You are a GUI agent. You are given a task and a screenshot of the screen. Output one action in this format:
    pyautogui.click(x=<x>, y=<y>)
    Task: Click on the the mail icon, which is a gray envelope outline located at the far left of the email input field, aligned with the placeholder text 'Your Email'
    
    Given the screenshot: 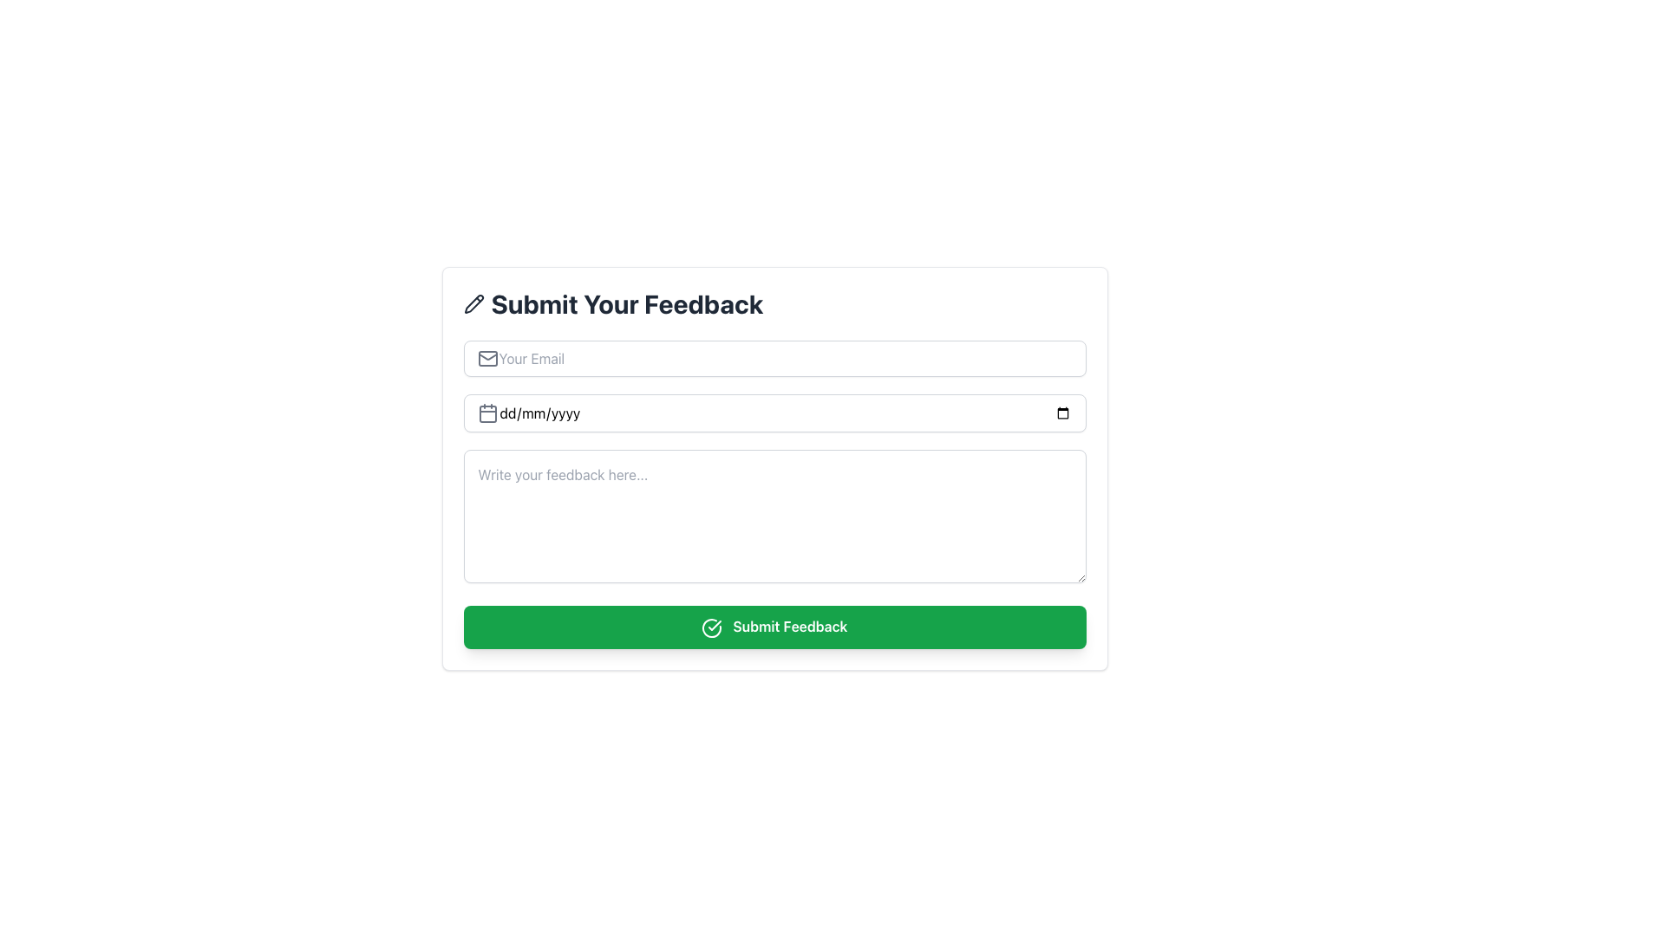 What is the action you would take?
    pyautogui.click(x=486, y=357)
    